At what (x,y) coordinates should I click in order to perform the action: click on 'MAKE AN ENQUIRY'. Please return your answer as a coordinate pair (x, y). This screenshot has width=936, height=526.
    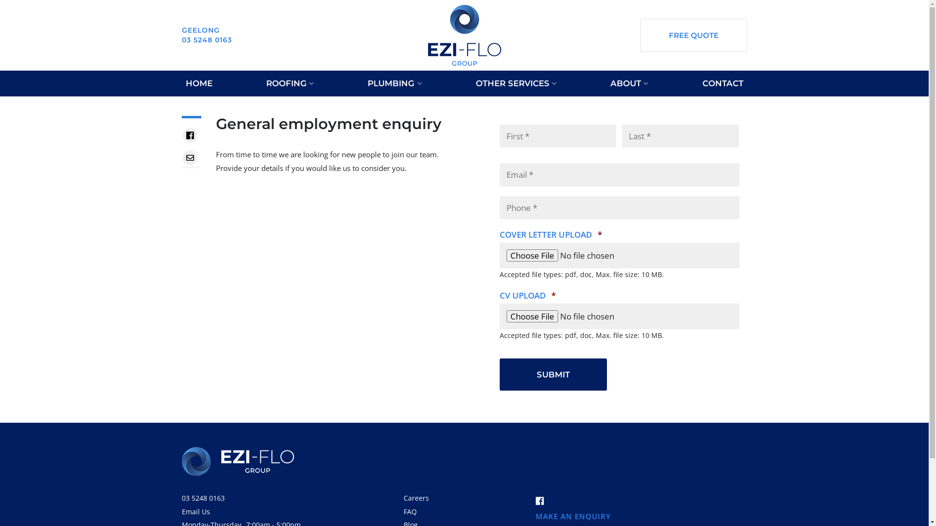
    Looking at the image, I should click on (535, 516).